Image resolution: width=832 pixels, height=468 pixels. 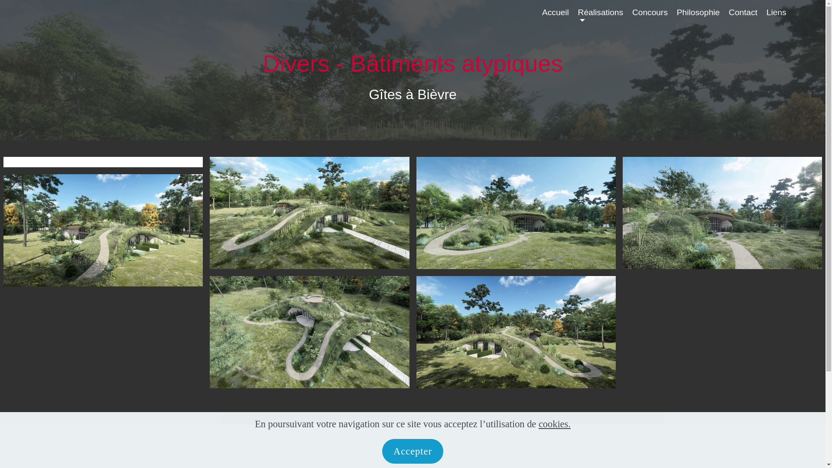 What do you see at coordinates (698, 16) in the screenshot?
I see `'Philosophie'` at bounding box center [698, 16].